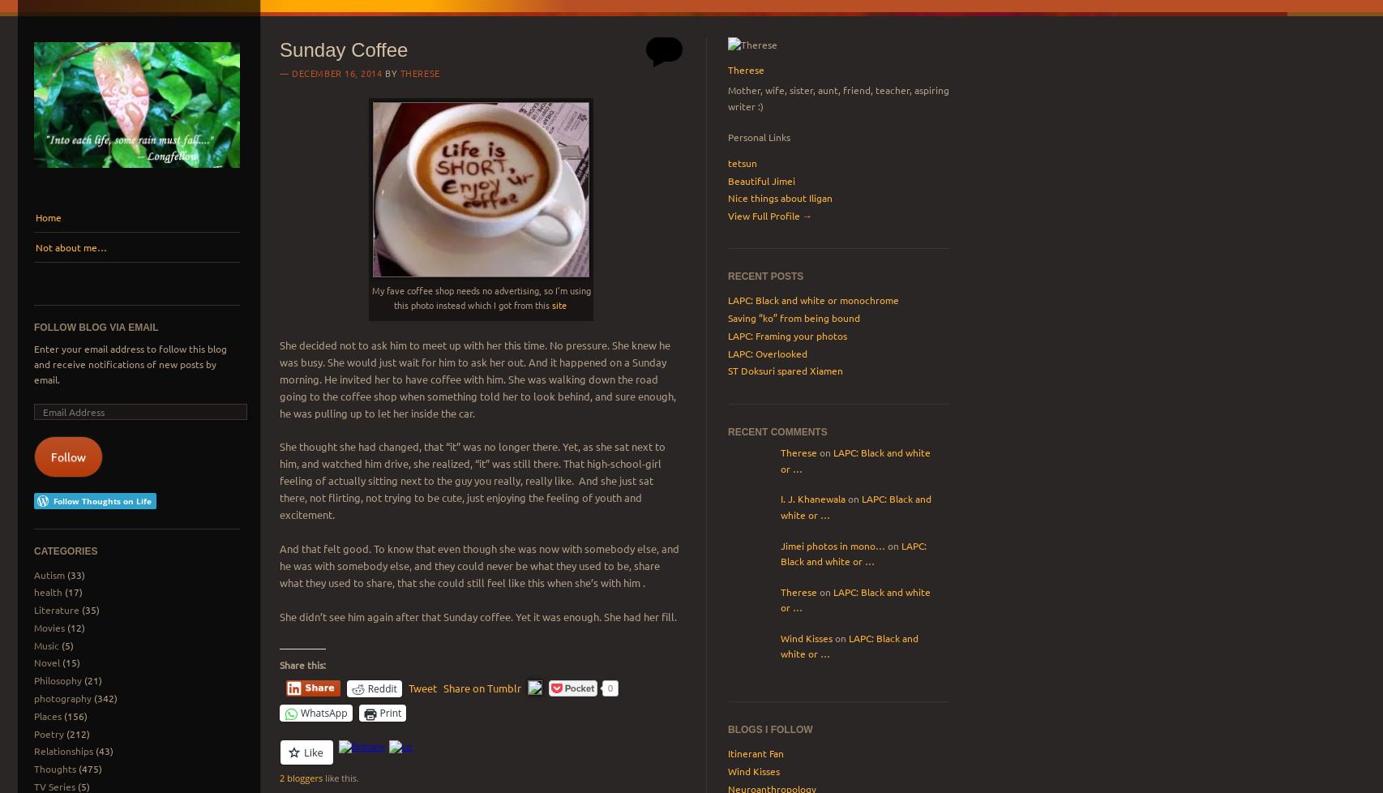 The image size is (1383, 793). I want to click on 'by', so click(389, 72).